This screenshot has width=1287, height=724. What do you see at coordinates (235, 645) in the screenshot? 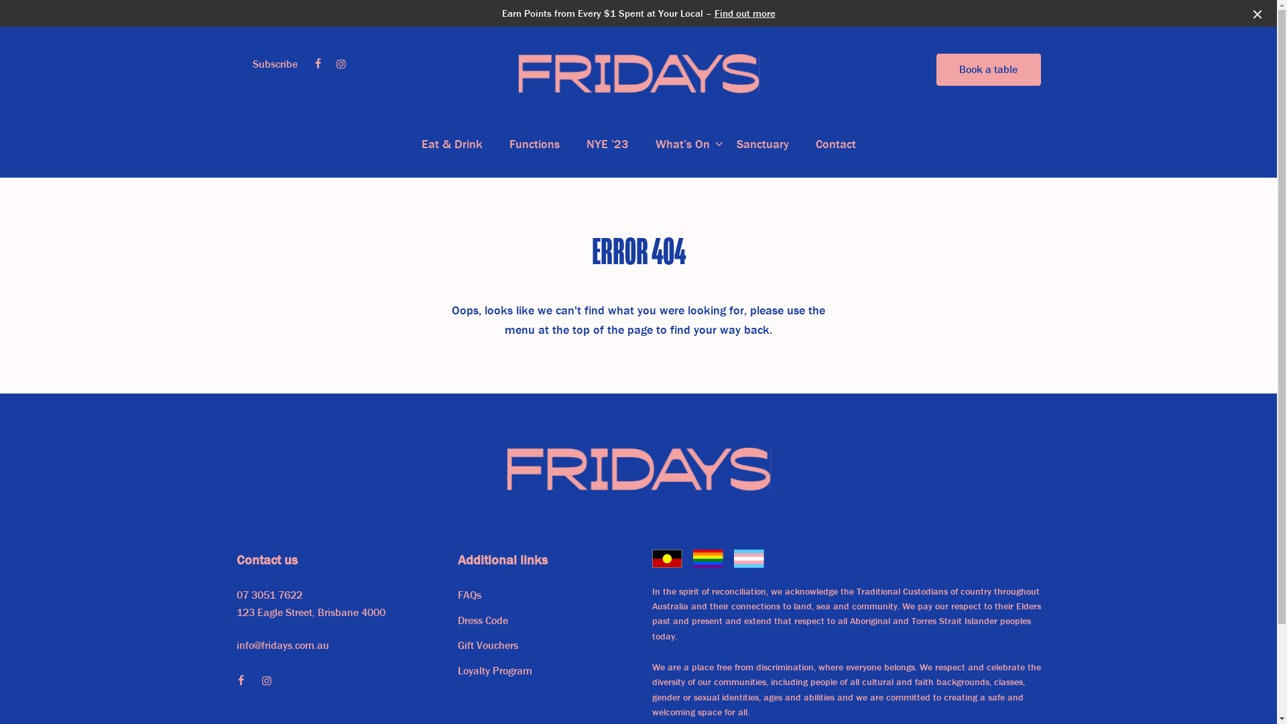
I see `'info@fridays.com.au'` at bounding box center [235, 645].